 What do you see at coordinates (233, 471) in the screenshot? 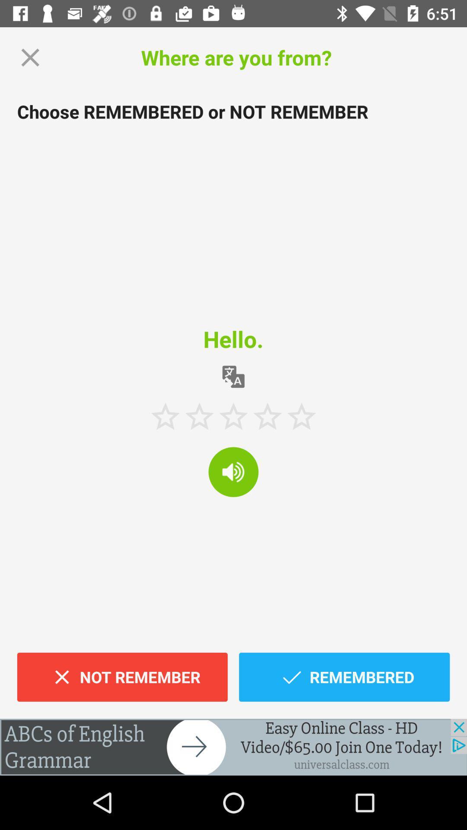
I see `volume section` at bounding box center [233, 471].